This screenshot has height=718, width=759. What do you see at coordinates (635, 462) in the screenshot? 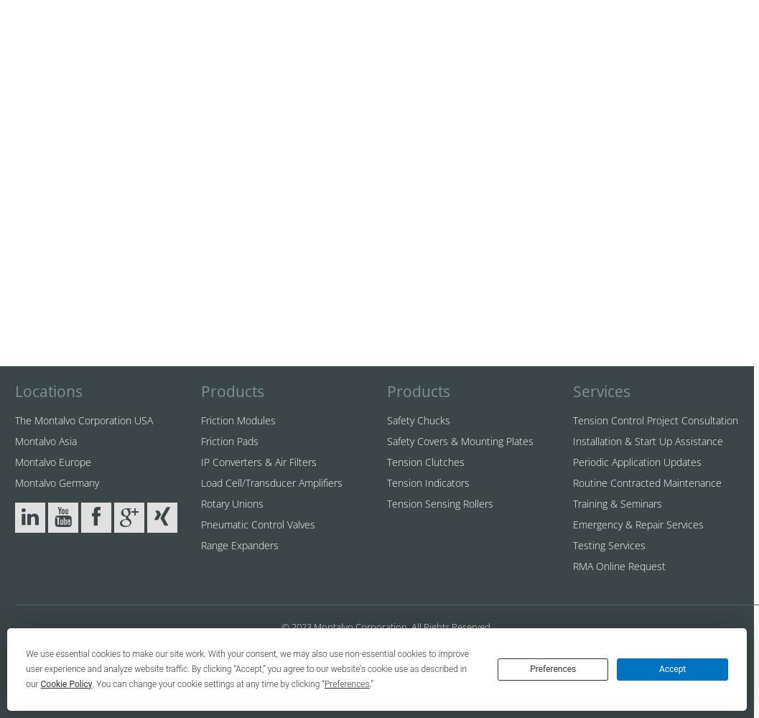
I see `'Periodic Application Updates'` at bounding box center [635, 462].